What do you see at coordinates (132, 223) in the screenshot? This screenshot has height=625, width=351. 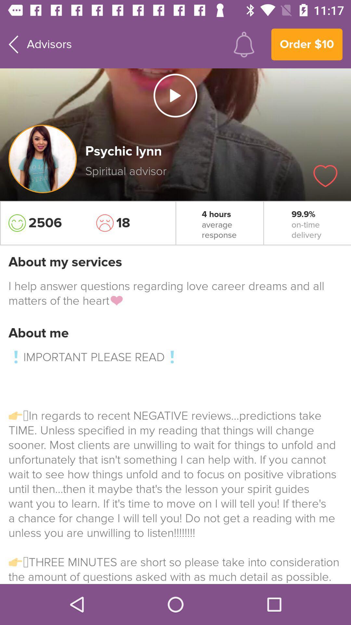 I see `item to the left of the 4 hours icon` at bounding box center [132, 223].